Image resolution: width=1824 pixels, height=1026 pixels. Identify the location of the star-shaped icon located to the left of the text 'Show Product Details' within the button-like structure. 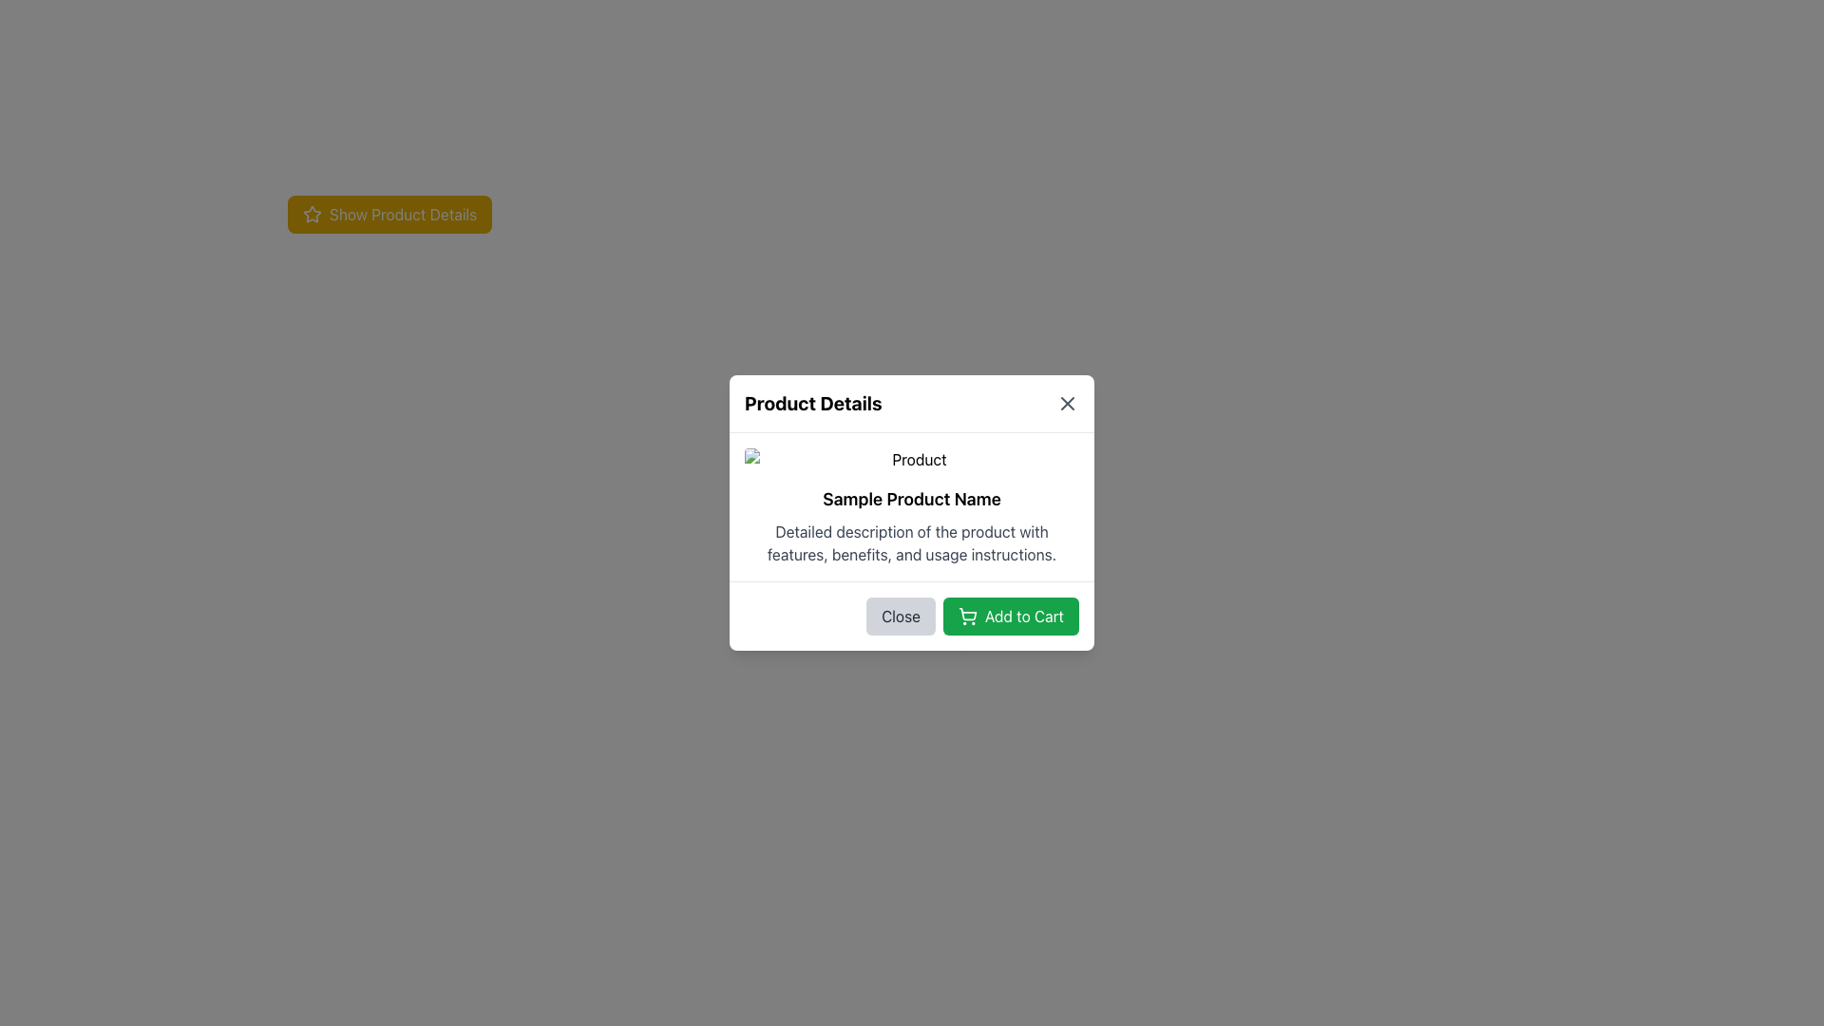
(313, 214).